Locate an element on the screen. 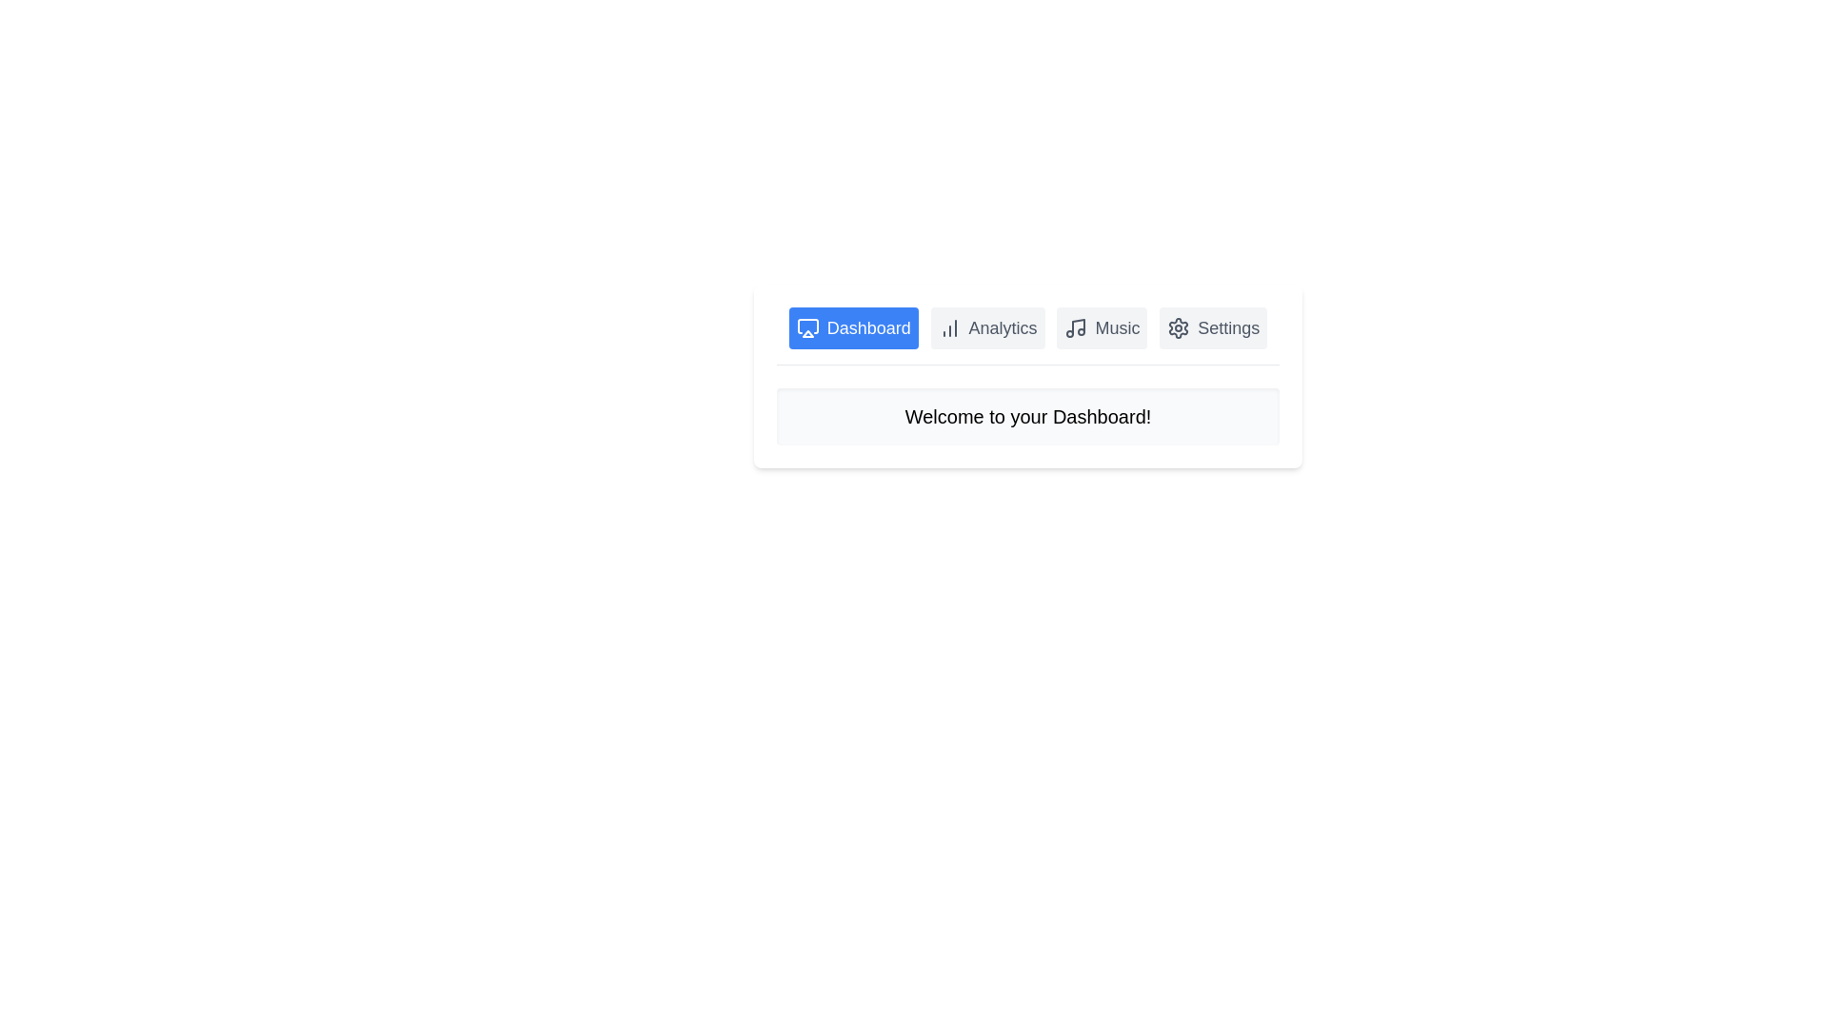 The width and height of the screenshot is (1828, 1028). the music note icon located inside the 'Music' button in the navigation bar, which is the third button from the left, positioned between 'Analytics' and 'Settings' is located at coordinates (1076, 326).